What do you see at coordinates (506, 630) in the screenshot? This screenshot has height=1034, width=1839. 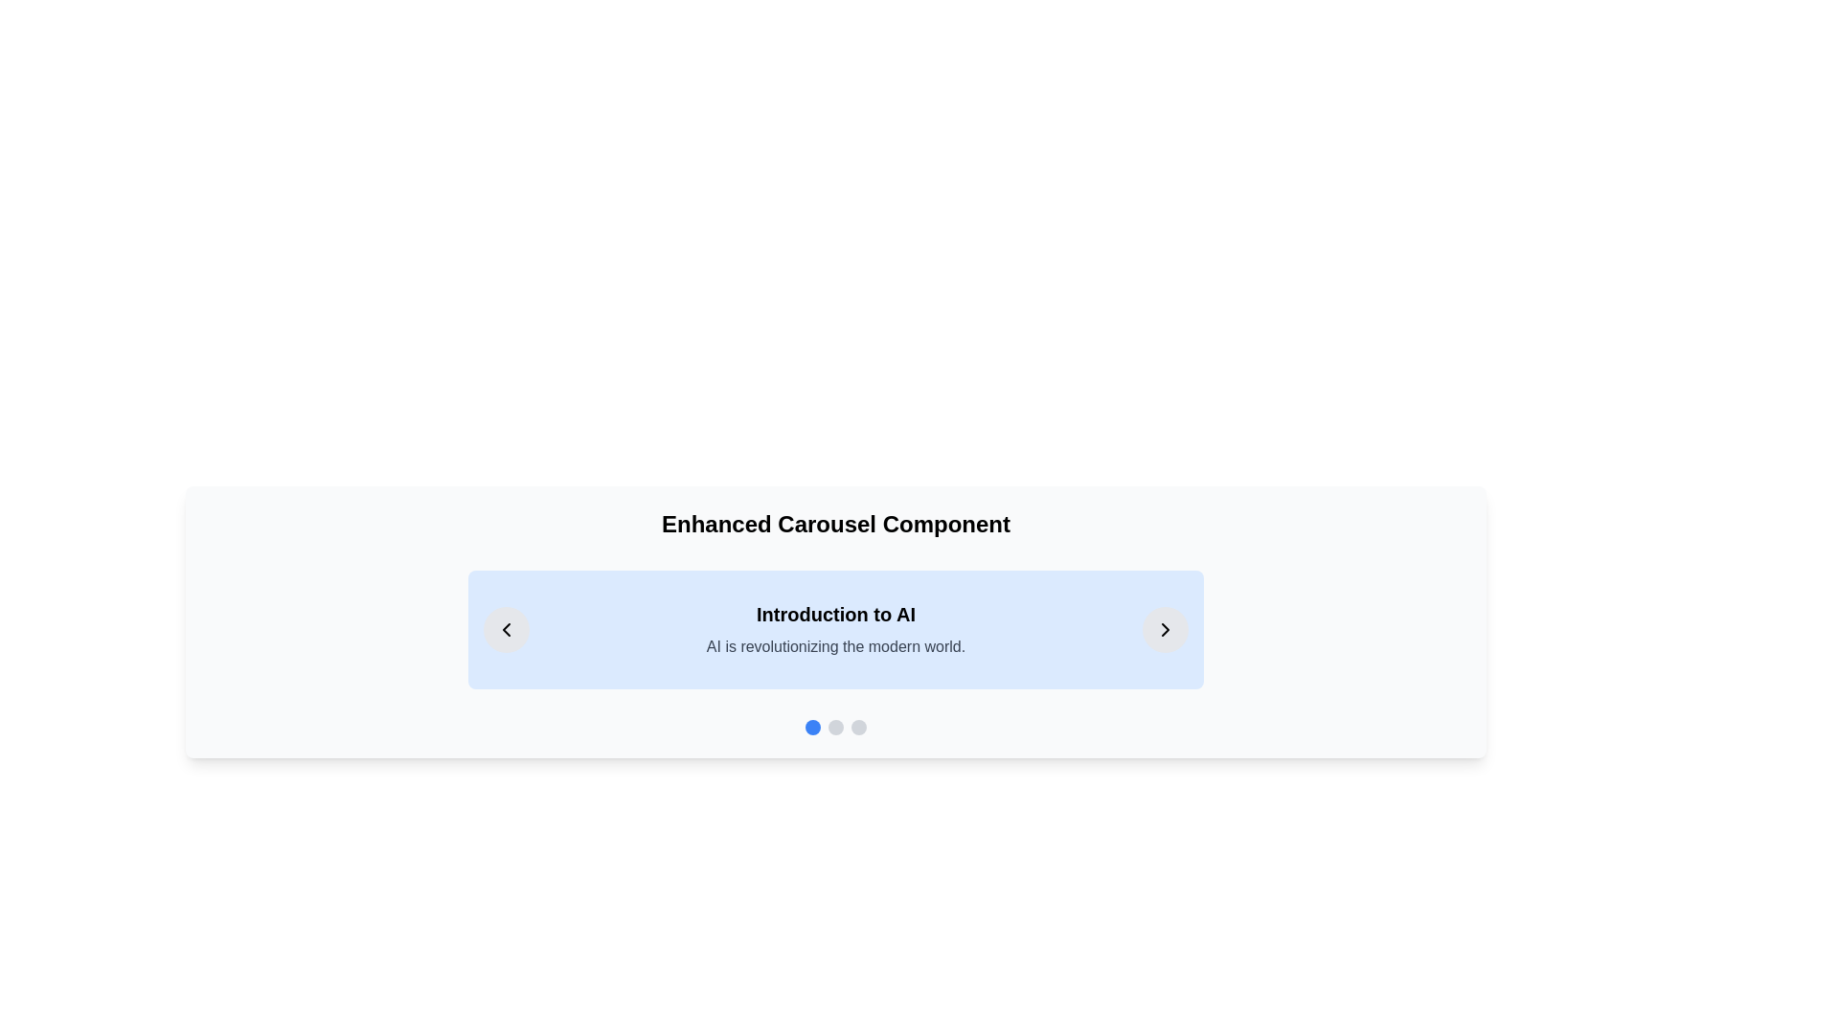 I see `the circular button with a light gray background and a black leftward-pointing chevron icon` at bounding box center [506, 630].